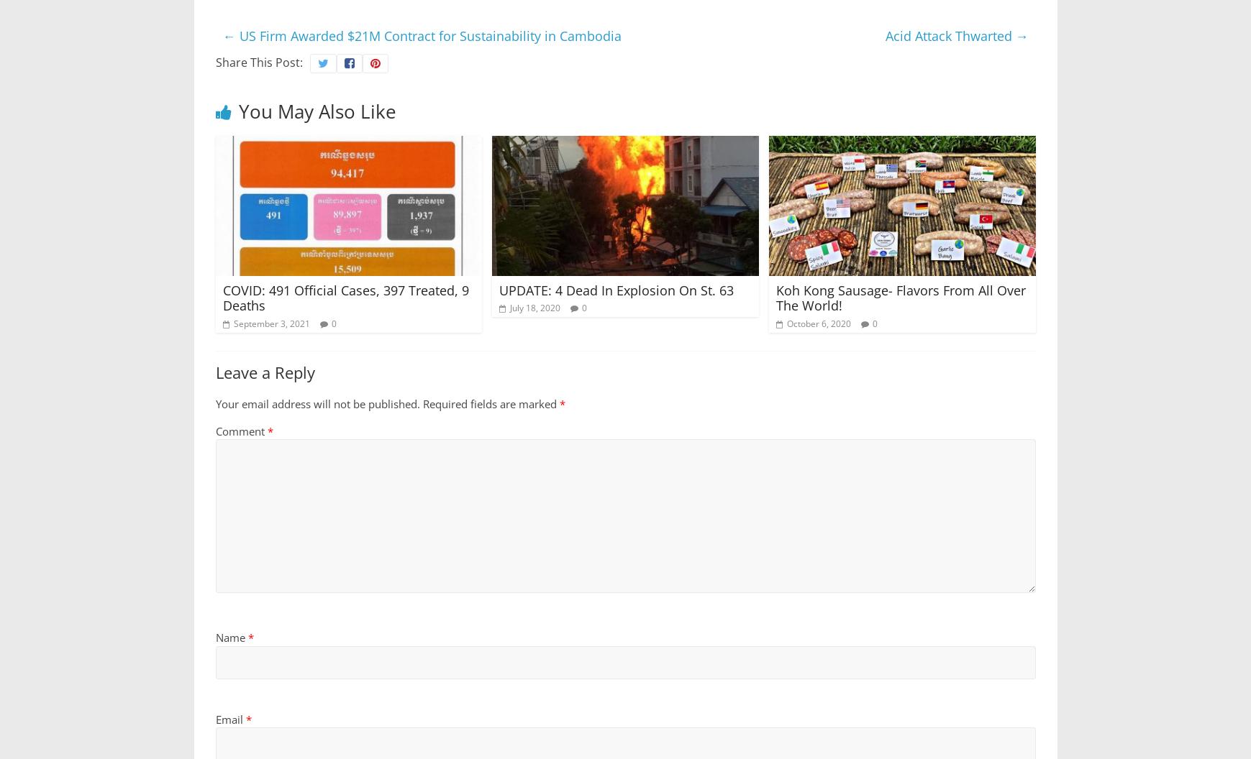 This screenshot has height=759, width=1251. I want to click on 'US Firm Awarded $21M Contract for Sustainability in Cambodia', so click(235, 34).